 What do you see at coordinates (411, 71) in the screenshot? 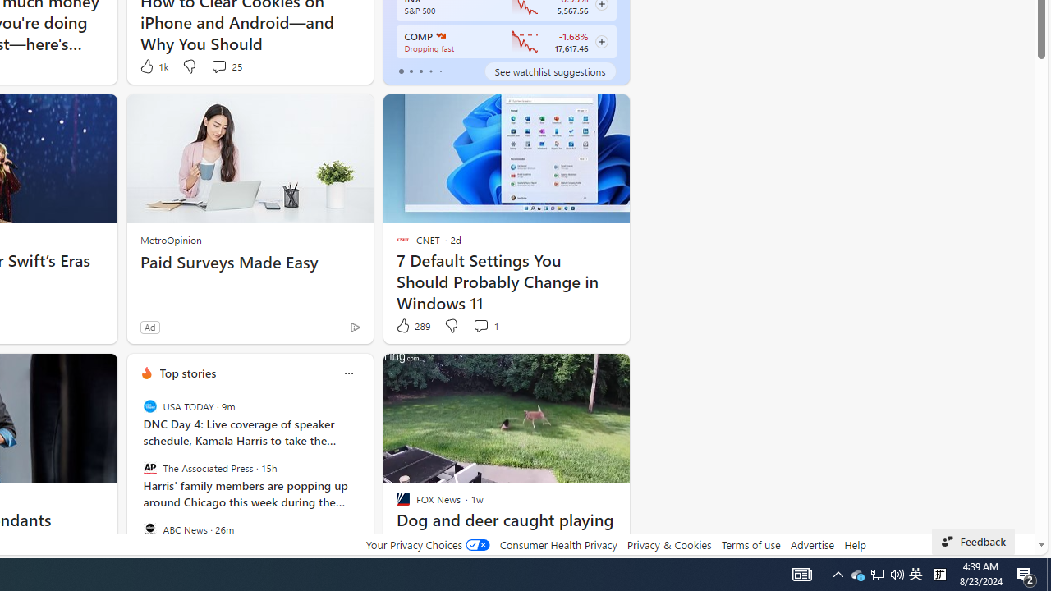
I see `'tab-1'` at bounding box center [411, 71].